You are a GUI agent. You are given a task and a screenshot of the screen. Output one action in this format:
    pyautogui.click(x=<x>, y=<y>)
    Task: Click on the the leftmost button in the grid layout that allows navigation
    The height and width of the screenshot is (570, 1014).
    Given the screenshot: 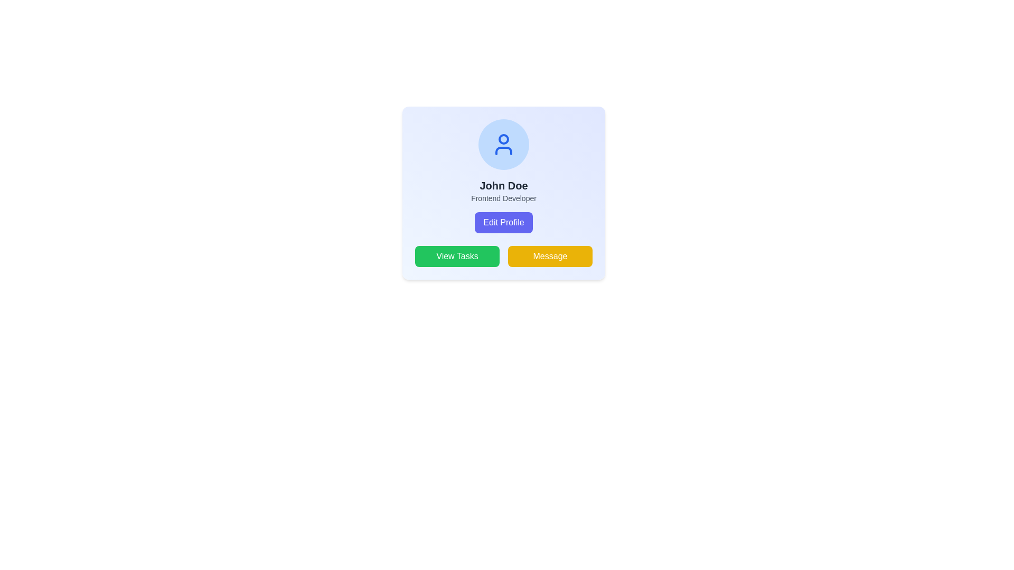 What is the action you would take?
    pyautogui.click(x=457, y=256)
    